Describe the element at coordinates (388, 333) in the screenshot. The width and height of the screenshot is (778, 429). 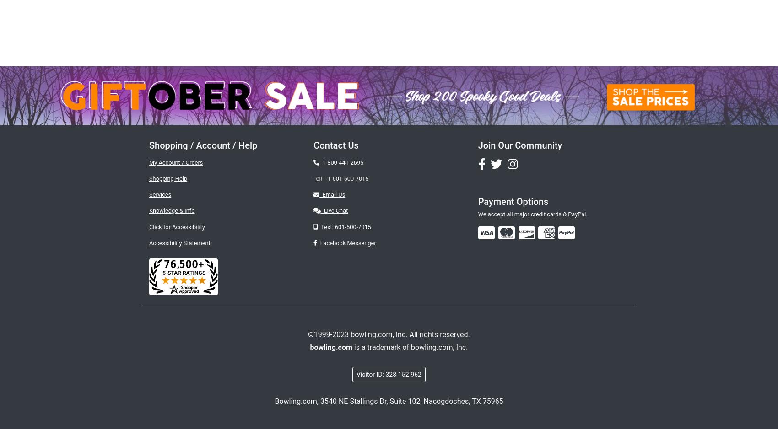
I see `'©1999-2023 bowling.com, Inc. All rights reserved.'` at that location.